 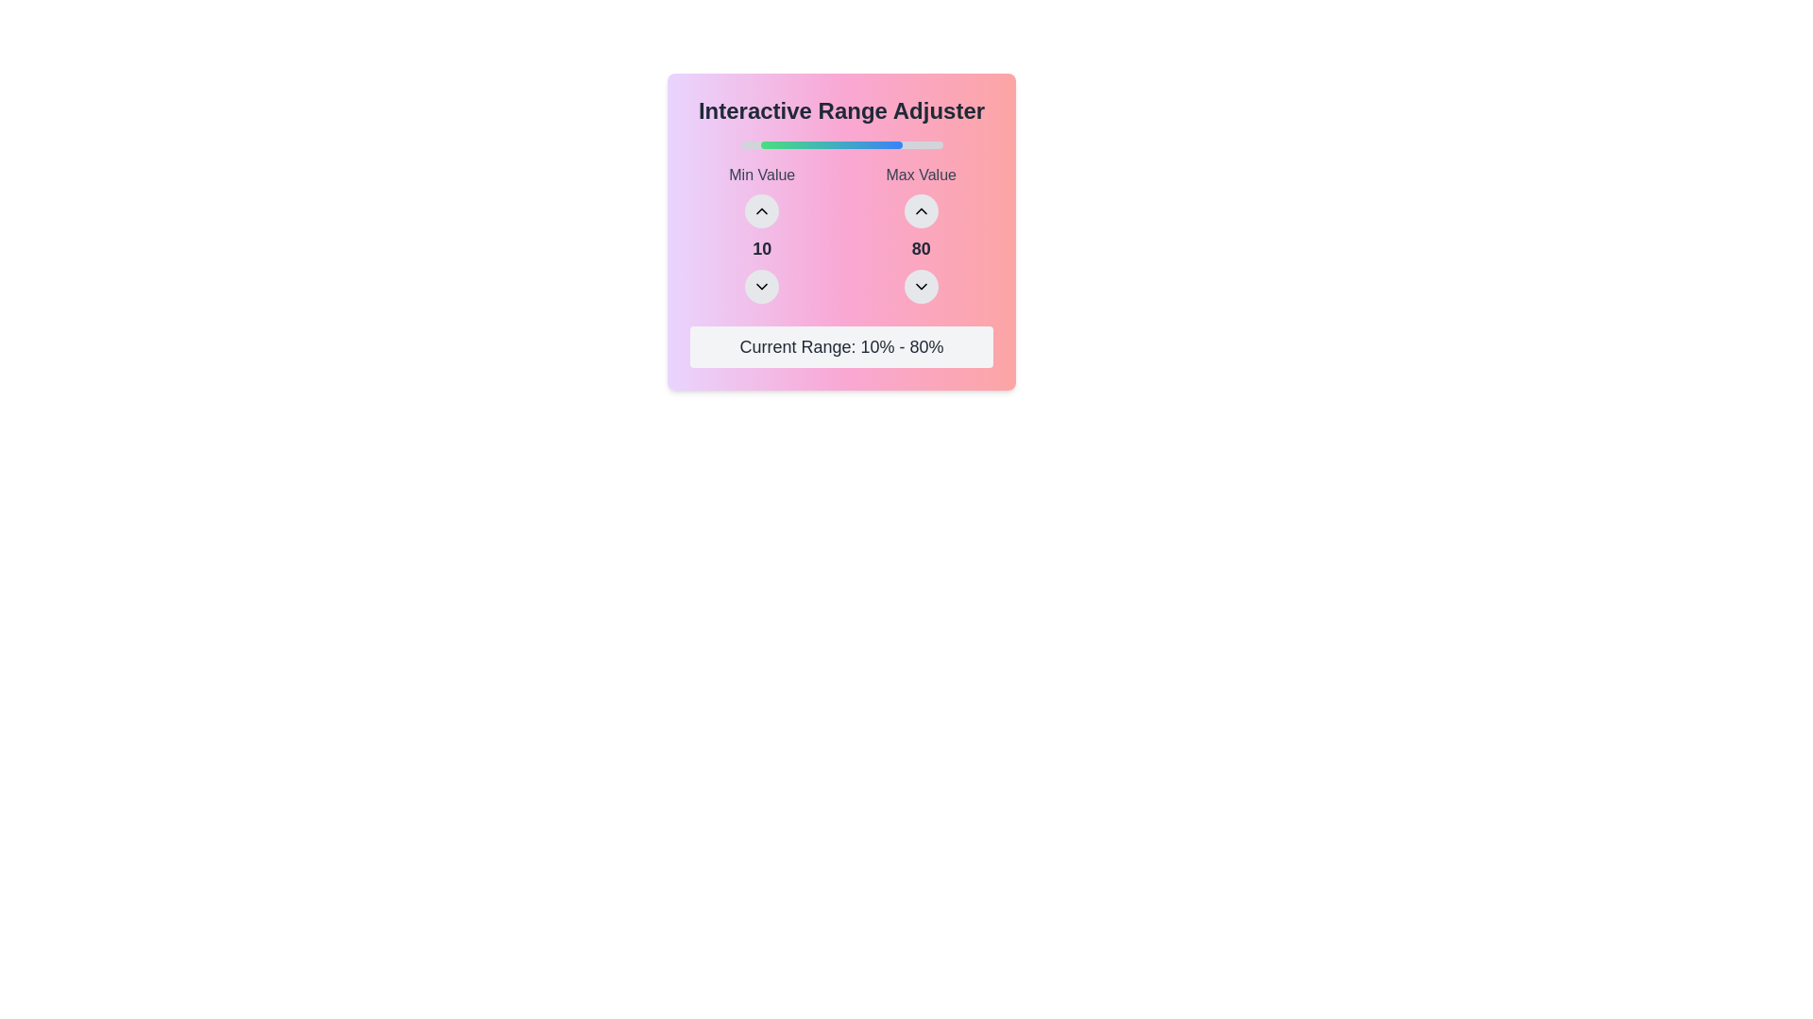 What do you see at coordinates (762, 210) in the screenshot?
I see `the chevron-up icon within the circular button under the 'Min Value' label to increase the minimum value in the range adjuster interface` at bounding box center [762, 210].